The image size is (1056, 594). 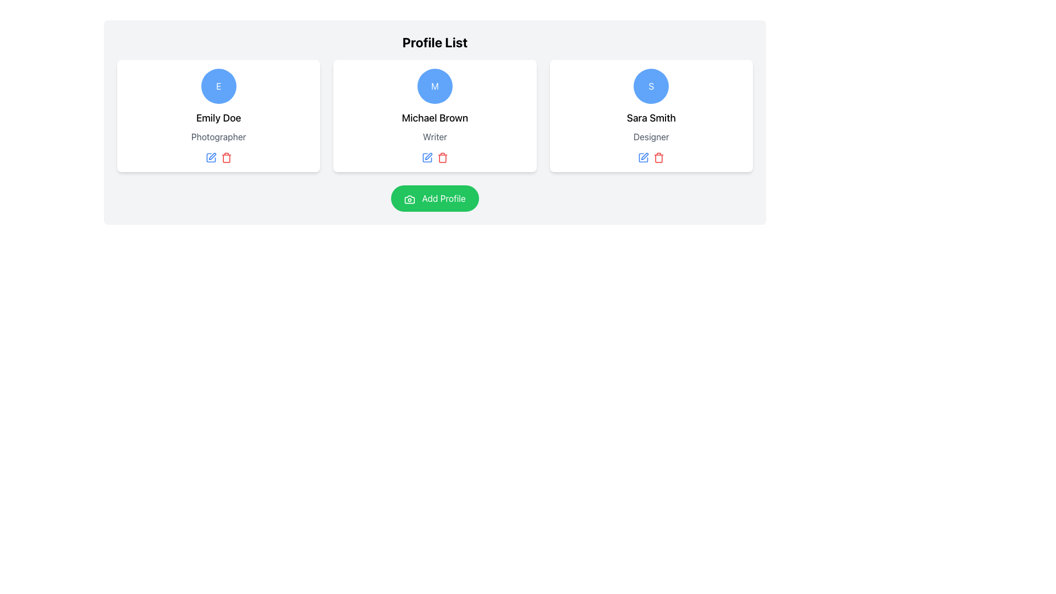 I want to click on the text label displaying the name 'Sara Smith', which is centrally located in the third profile card from the left, positioned above the smaller text 'Designer' and below a circular blue avatar, so click(x=651, y=118).